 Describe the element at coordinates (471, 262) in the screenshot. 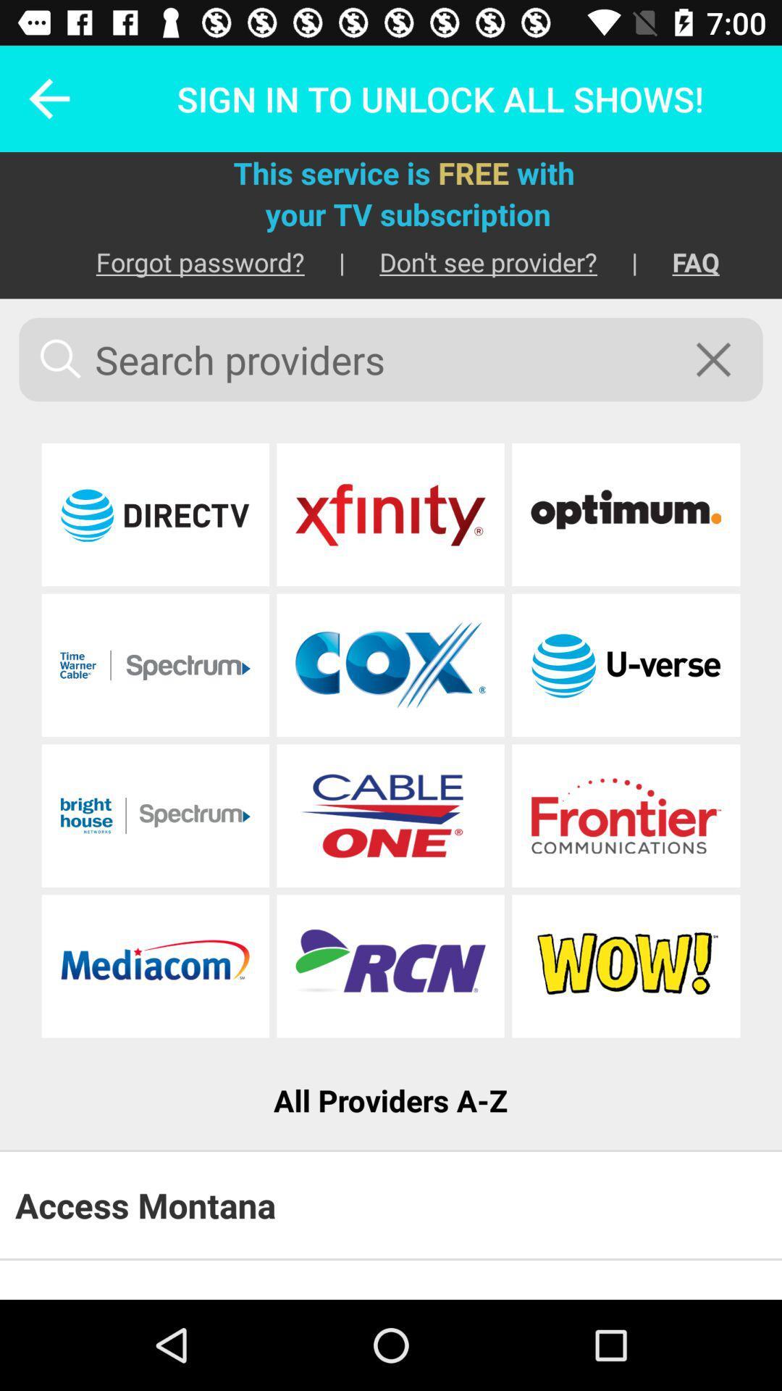

I see `icon next to the | item` at that location.